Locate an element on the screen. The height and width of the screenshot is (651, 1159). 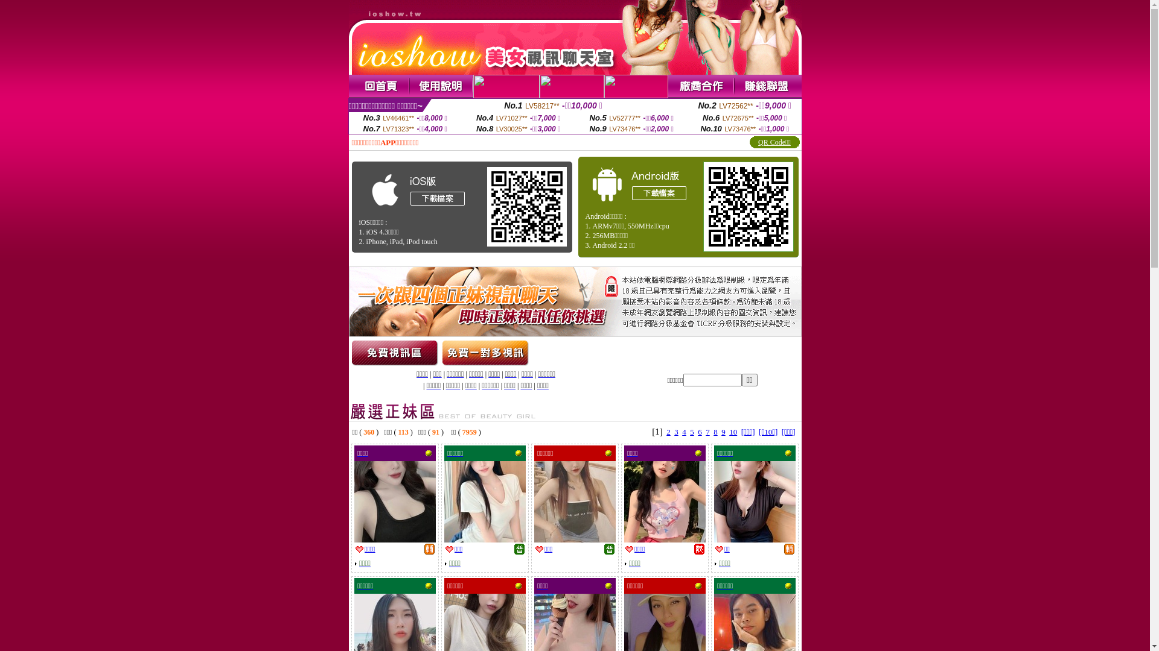
'8' is located at coordinates (715, 431).